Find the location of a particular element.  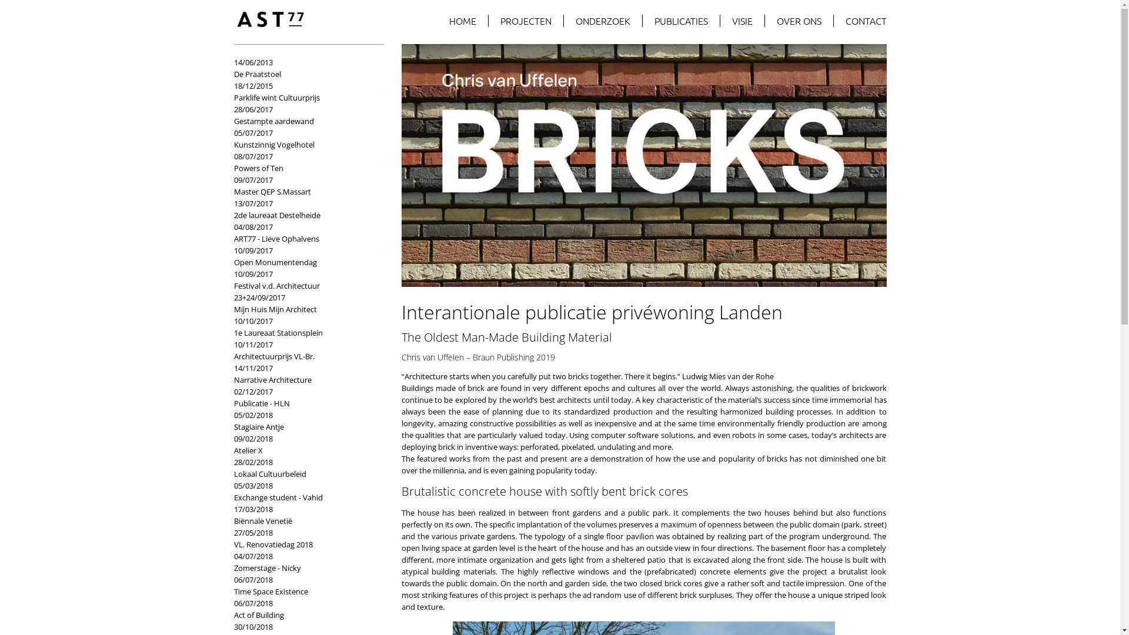

'10/09/2017 is located at coordinates (234, 255).